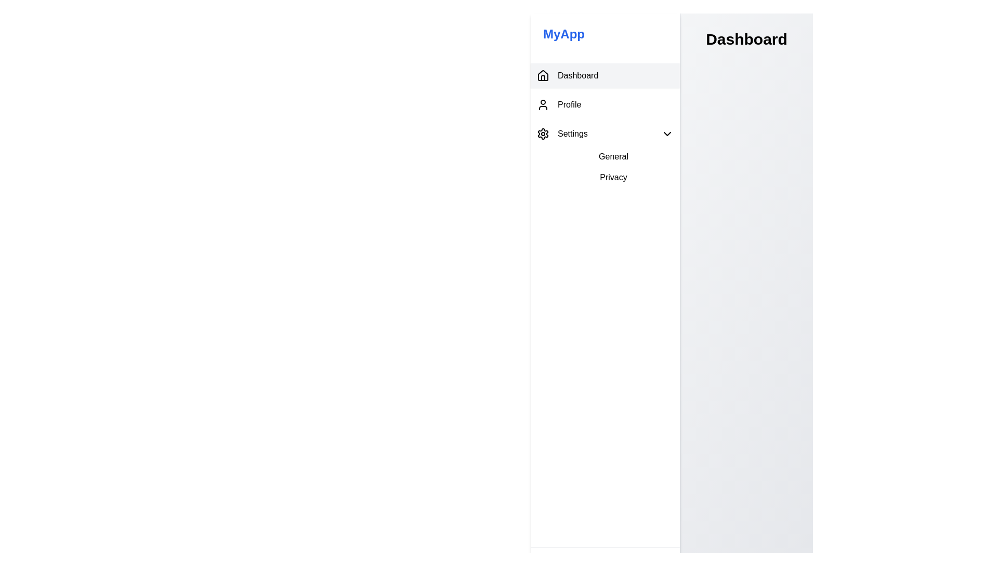 Image resolution: width=998 pixels, height=561 pixels. I want to click on the text label reading 'Dashboard' located immediately to the right of the home icon in the vertical navigation menu, so click(577, 75).